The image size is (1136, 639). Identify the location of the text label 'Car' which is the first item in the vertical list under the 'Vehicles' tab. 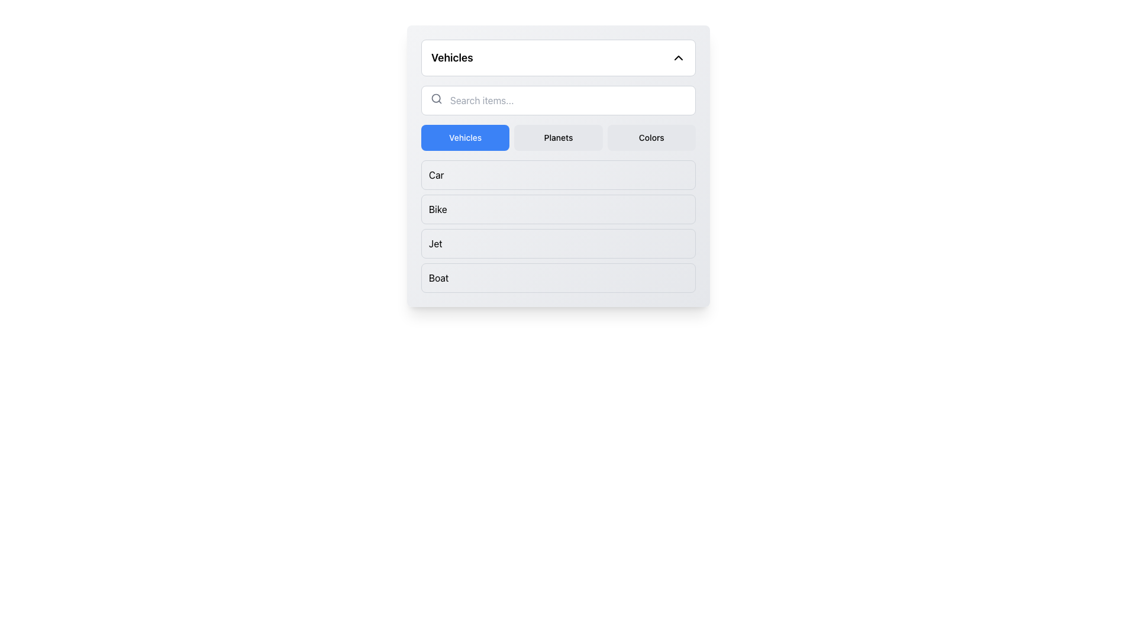
(435, 175).